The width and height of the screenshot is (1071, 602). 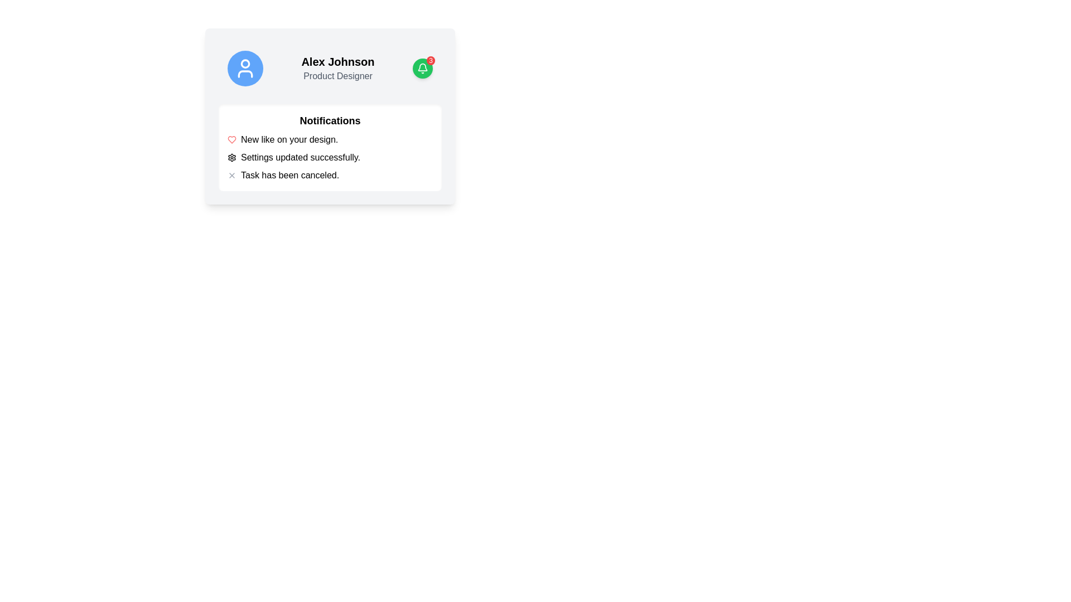 What do you see at coordinates (300, 157) in the screenshot?
I see `the notification message Text Label indicating successful updates to settings, which is the second item in the notification panel` at bounding box center [300, 157].